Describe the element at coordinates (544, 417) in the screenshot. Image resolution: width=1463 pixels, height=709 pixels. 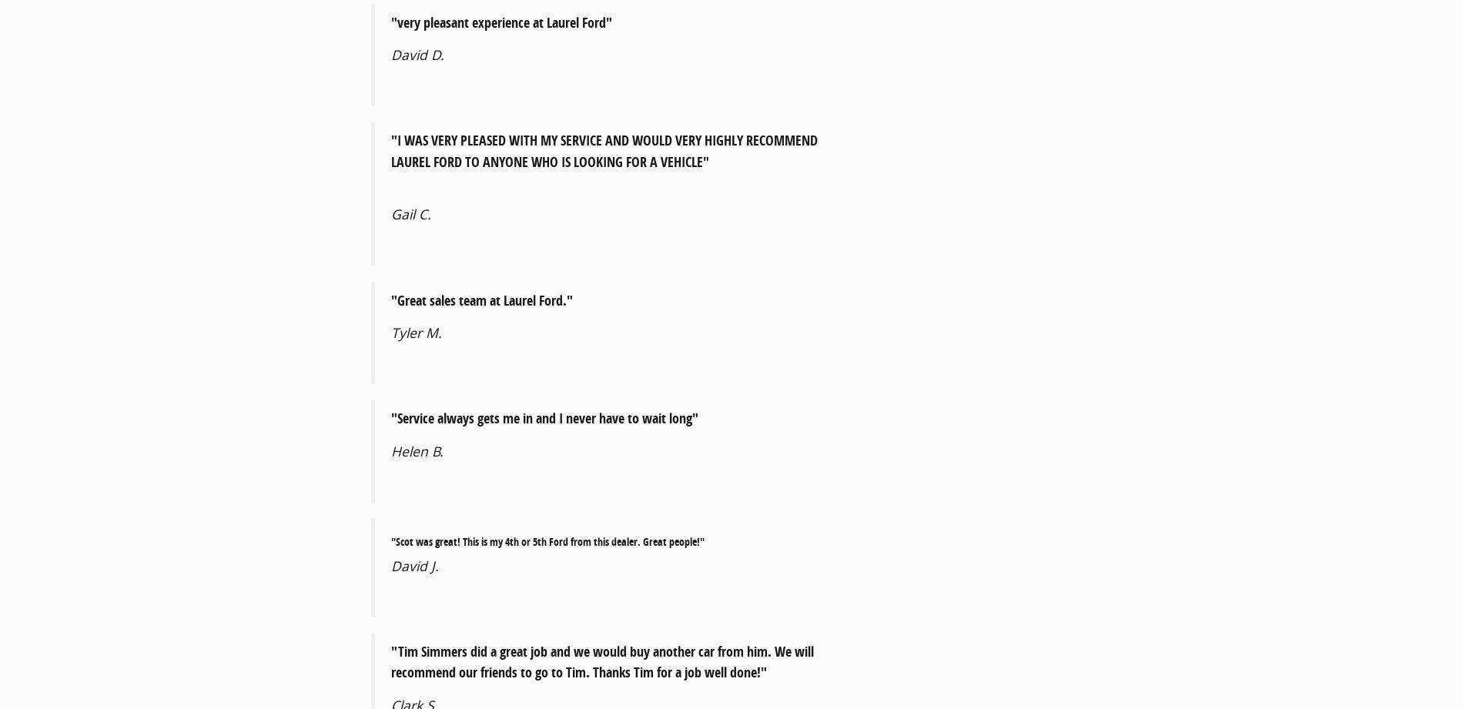
I see `'"Service always gets me in and I never have to wait 
long"'` at that location.